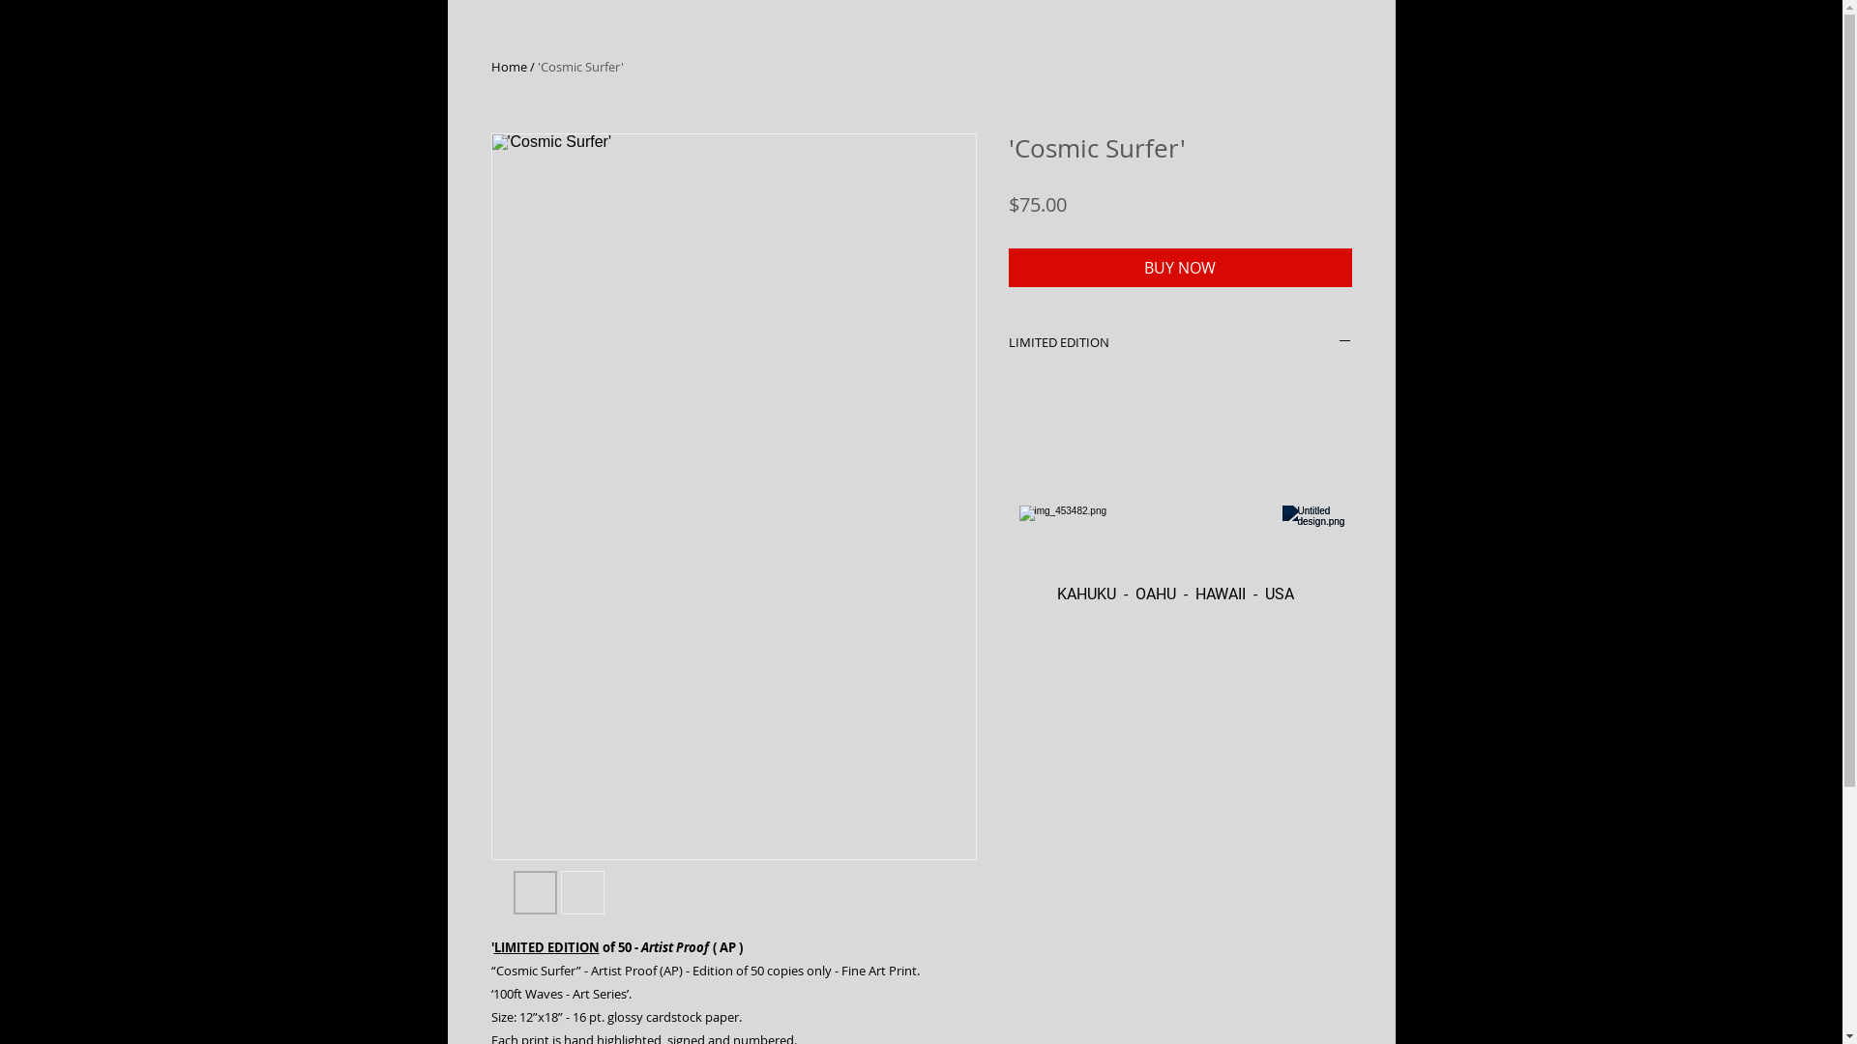  What do you see at coordinates (1178, 268) in the screenshot?
I see `'BUY NOW'` at bounding box center [1178, 268].